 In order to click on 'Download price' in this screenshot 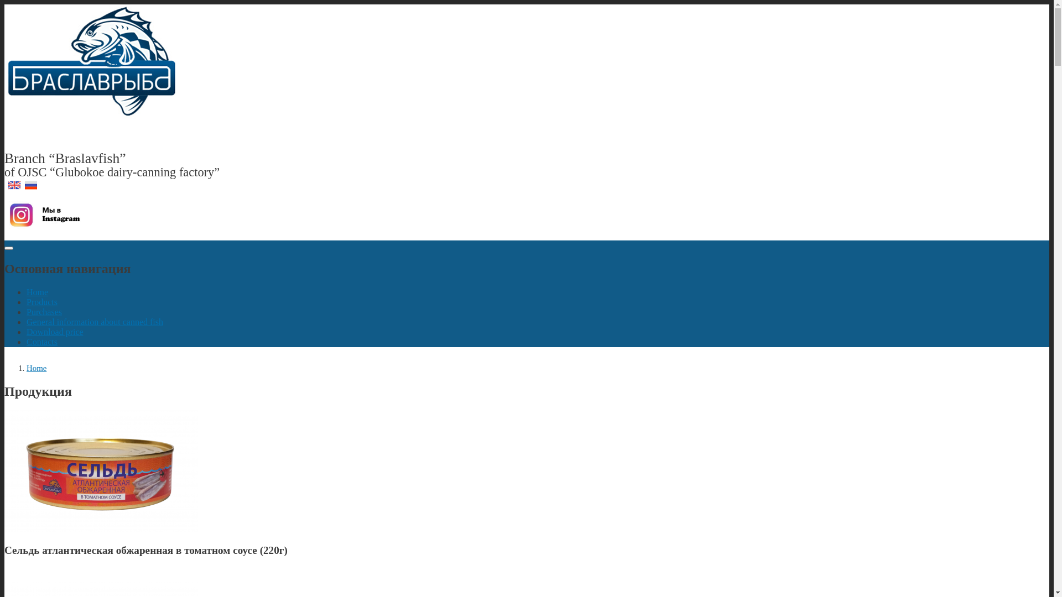, I will do `click(54, 331)`.